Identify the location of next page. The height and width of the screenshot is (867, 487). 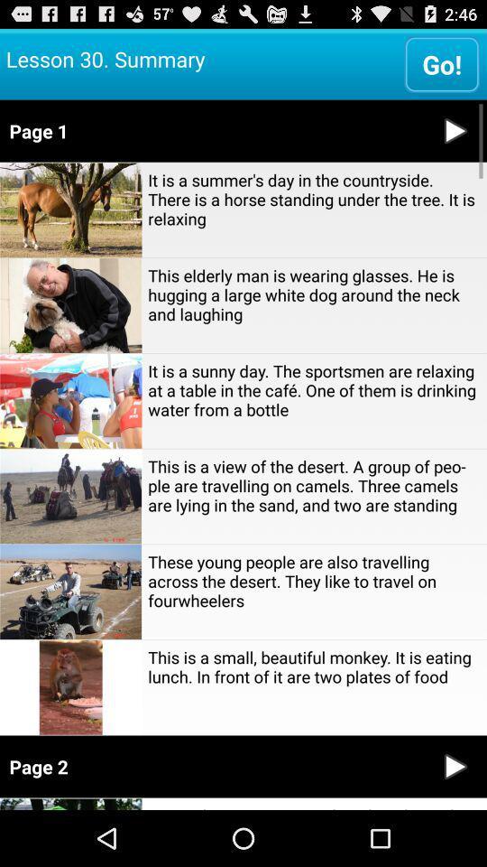
(455, 766).